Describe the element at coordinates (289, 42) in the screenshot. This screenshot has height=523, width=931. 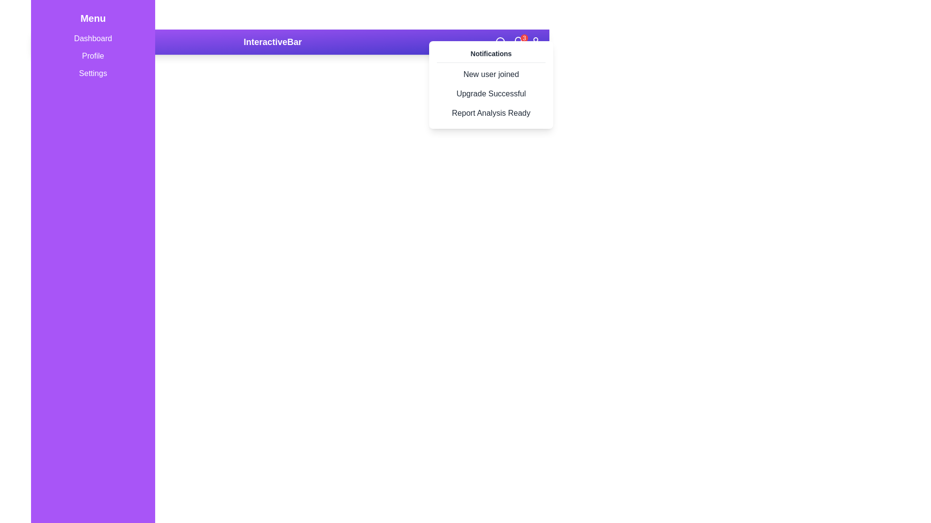
I see `the interactive regions within the Header Bar located at the top center of the interface, which serves as a visual and functional header` at that location.